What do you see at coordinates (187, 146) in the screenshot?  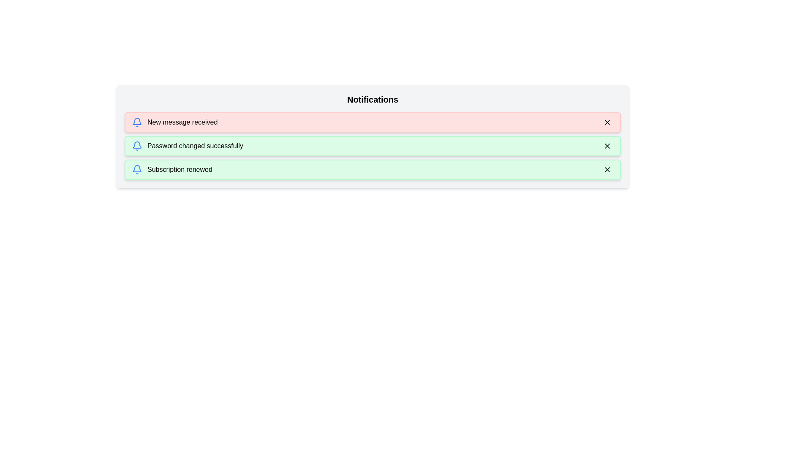 I see `the notification message saying 'Password changed successfully', which is the second item in a vertical list of notifications` at bounding box center [187, 146].